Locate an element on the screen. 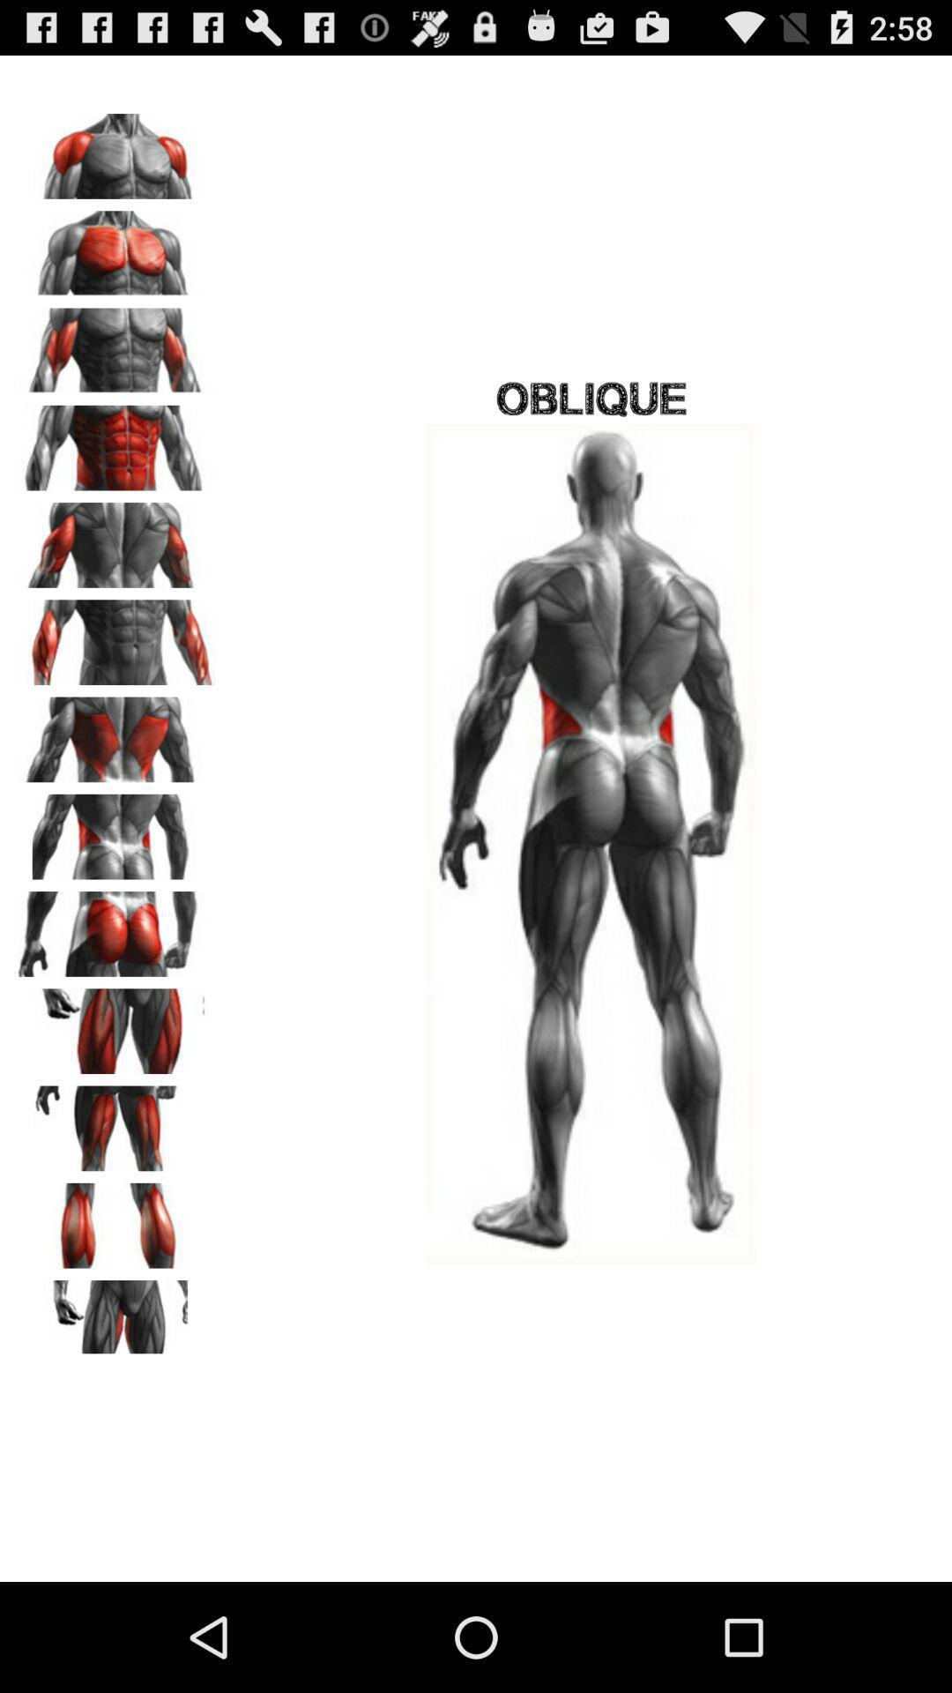 The width and height of the screenshot is (952, 1693). see in easy is located at coordinates (115, 635).